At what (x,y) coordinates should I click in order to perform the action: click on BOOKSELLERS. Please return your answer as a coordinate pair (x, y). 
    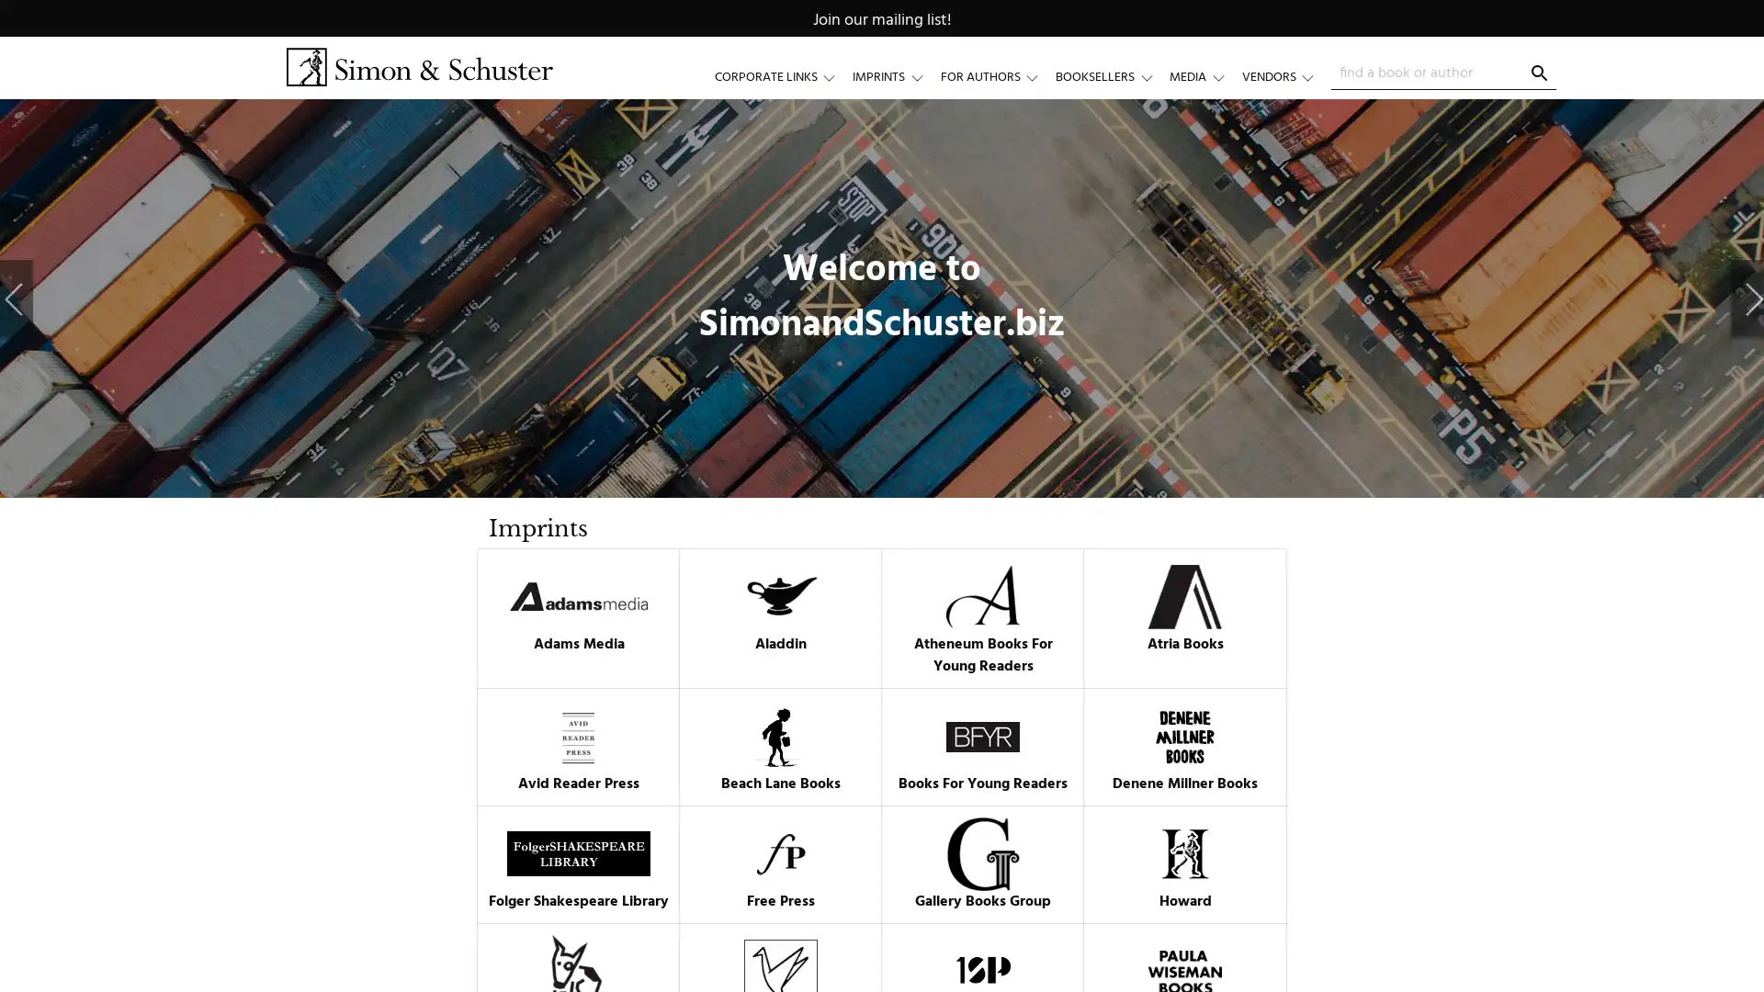
    Looking at the image, I should click on (1111, 76).